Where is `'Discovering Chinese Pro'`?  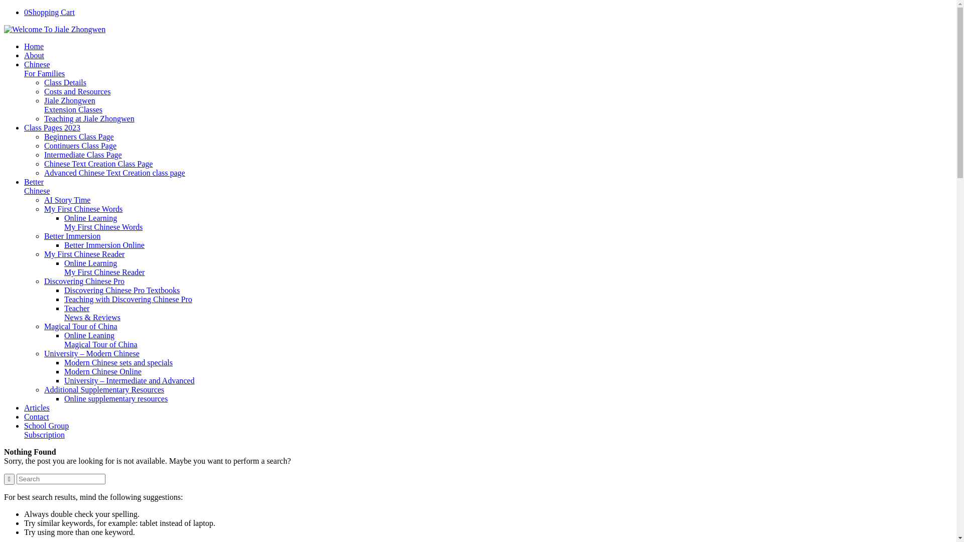 'Discovering Chinese Pro' is located at coordinates (84, 281).